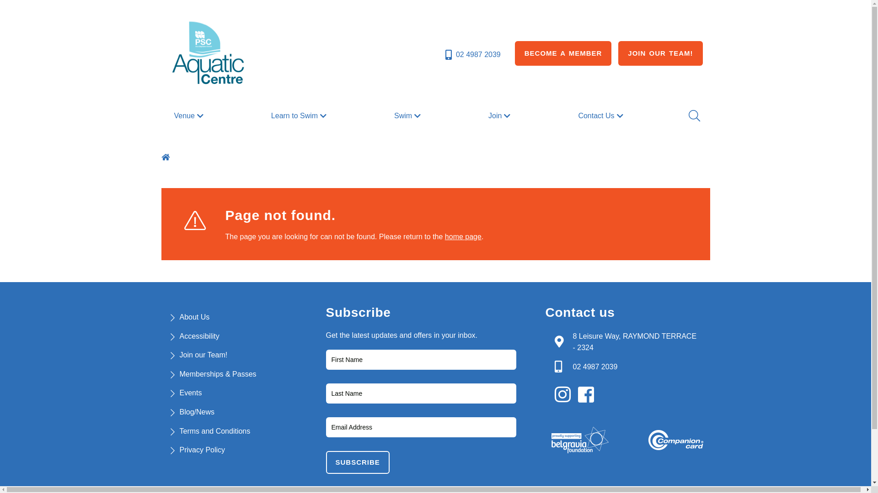  Describe the element at coordinates (300, 115) in the screenshot. I see `'Learn to Swim'` at that location.